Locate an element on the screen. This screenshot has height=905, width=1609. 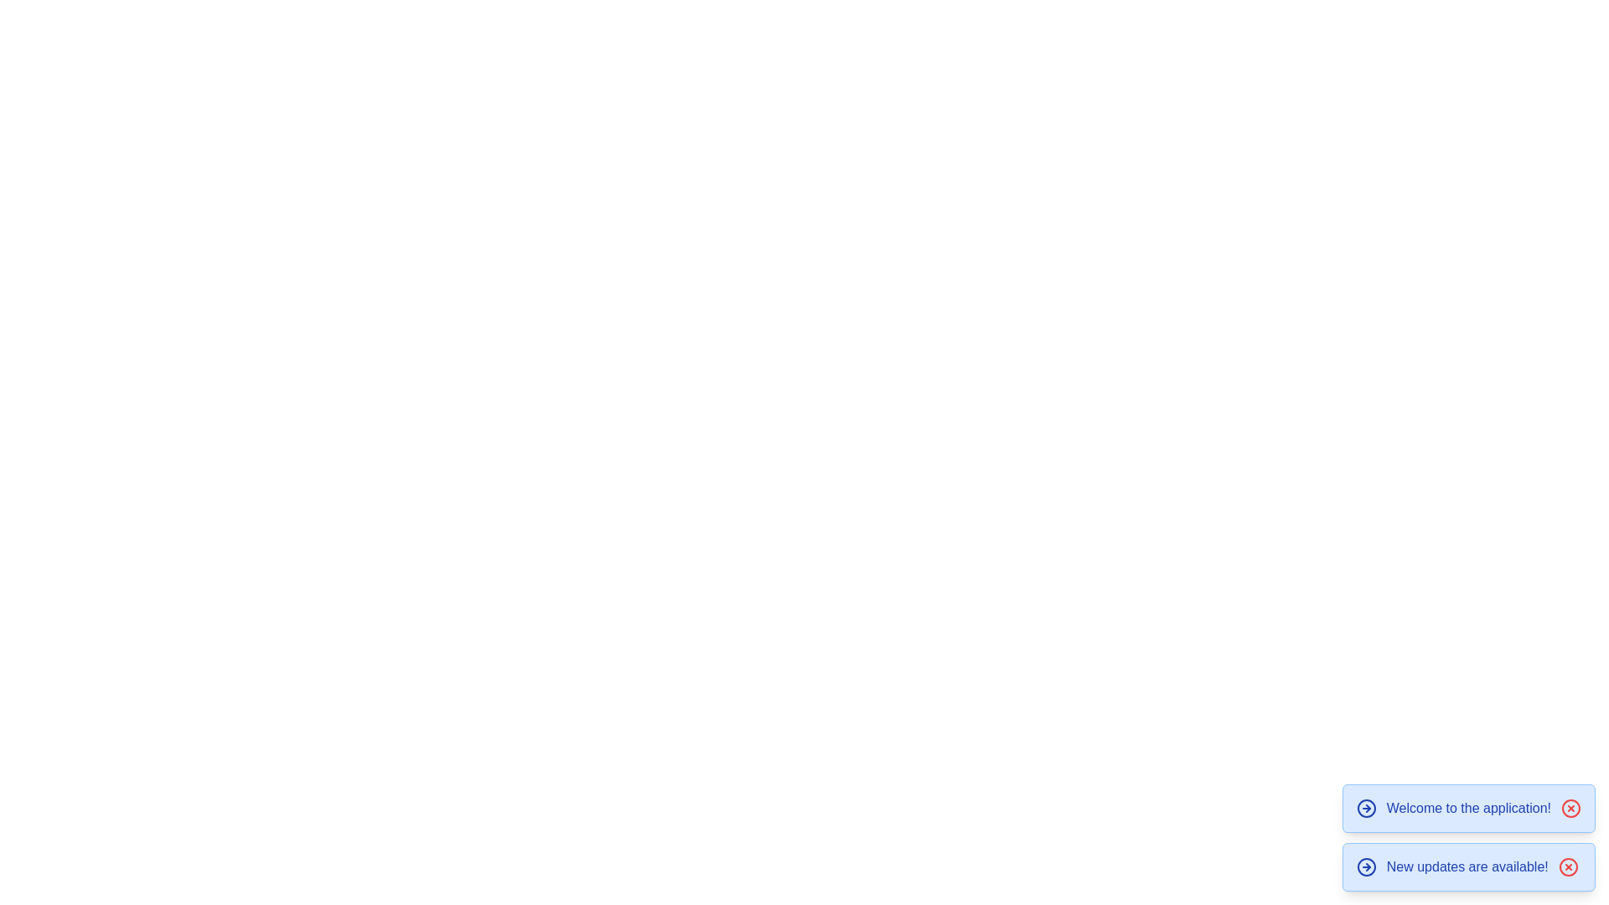
the button located in the top-right corner of the notification that contains the text 'Welcome to the application!' is located at coordinates (1570, 807).